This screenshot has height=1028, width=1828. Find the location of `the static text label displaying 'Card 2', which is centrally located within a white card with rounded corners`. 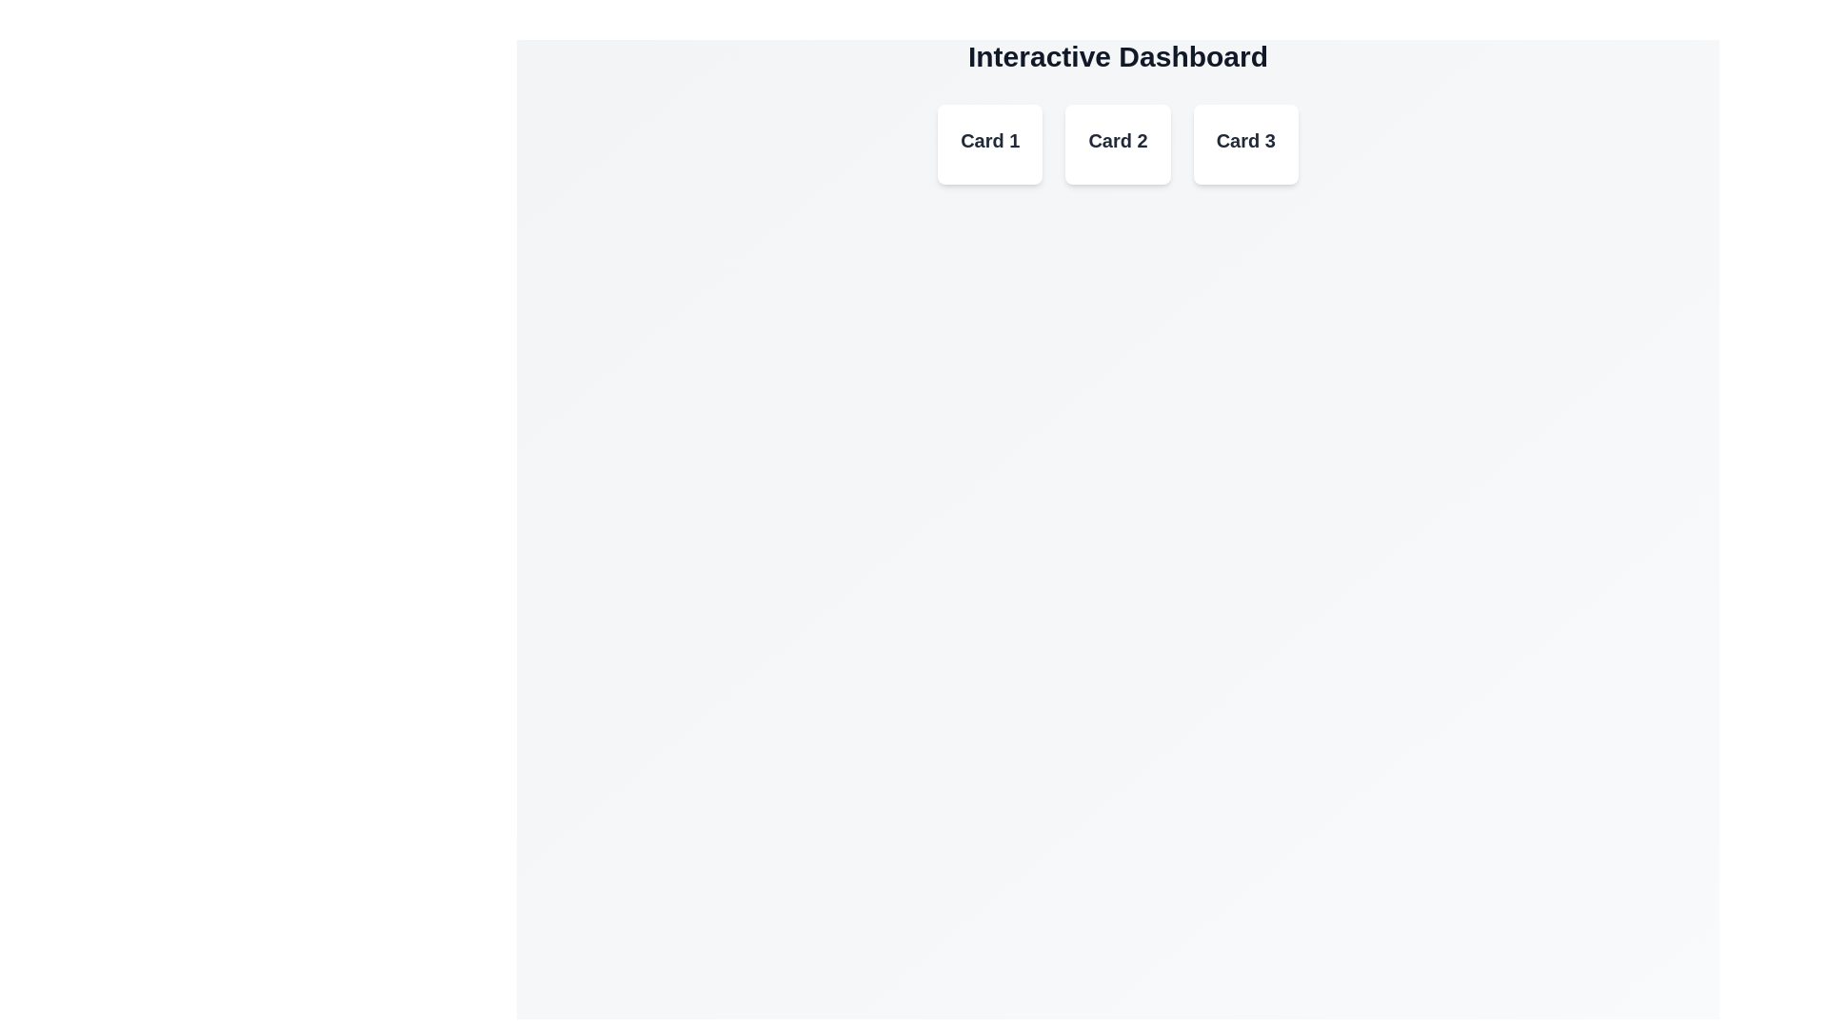

the static text label displaying 'Card 2', which is centrally located within a white card with rounded corners is located at coordinates (1118, 139).